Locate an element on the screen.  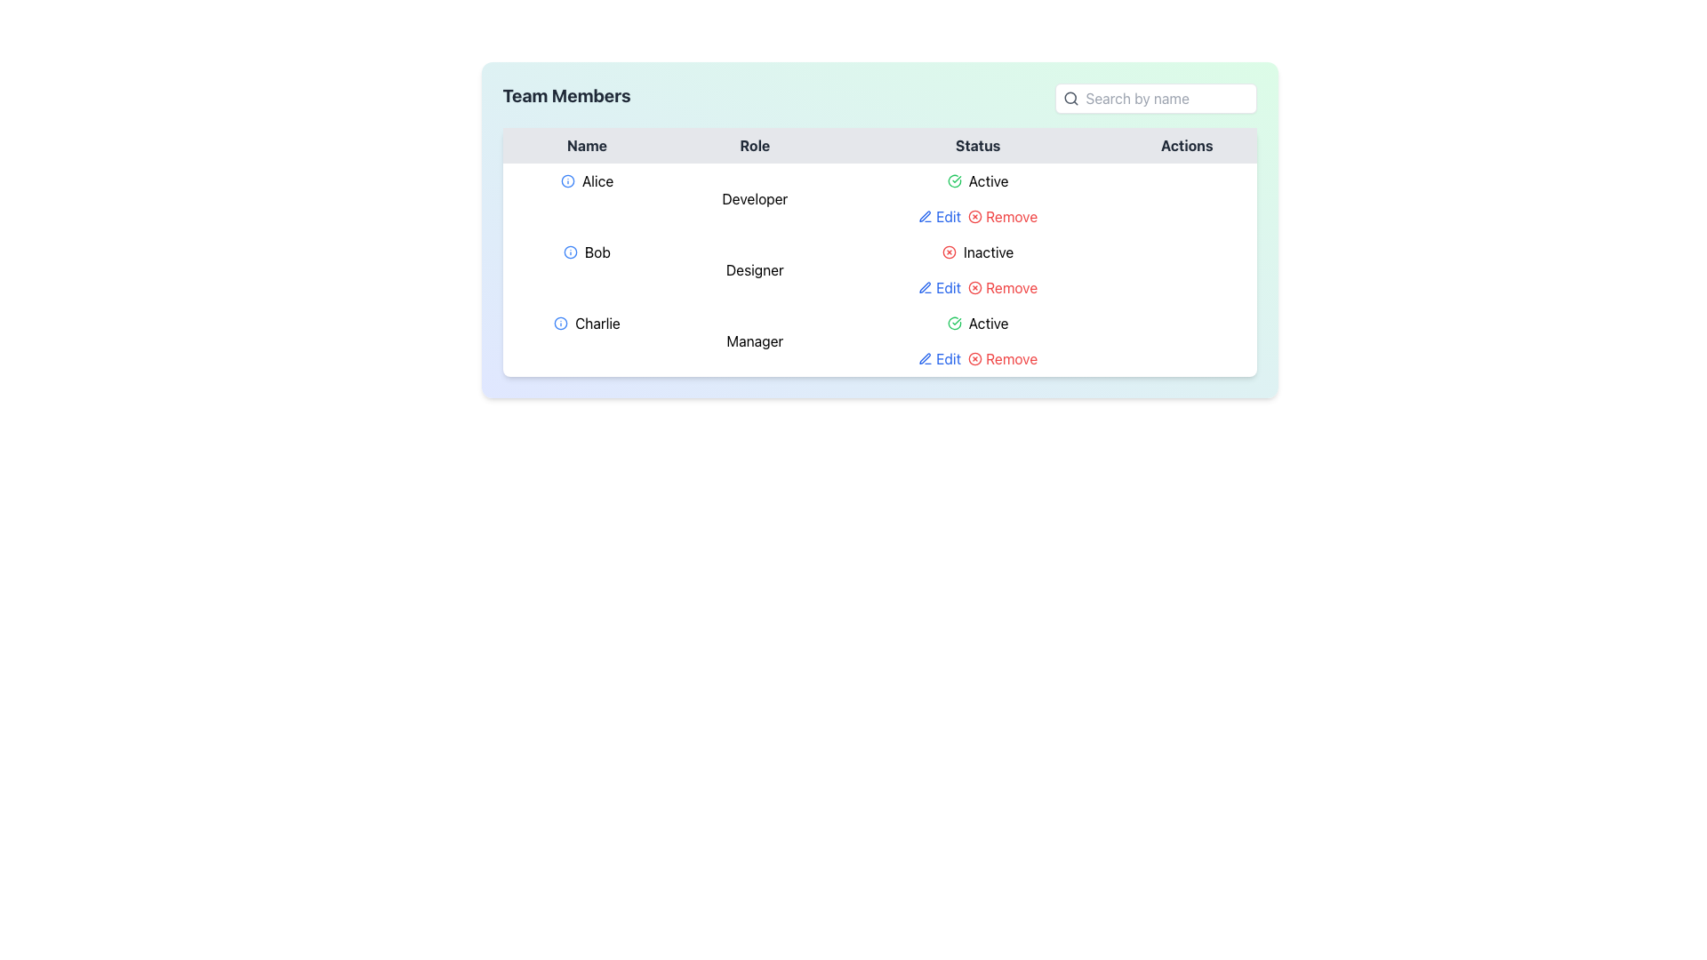
the 'Edit' icon in the 'Actions' column of the table corresponding to Bob in the second row is located at coordinates (925, 215).